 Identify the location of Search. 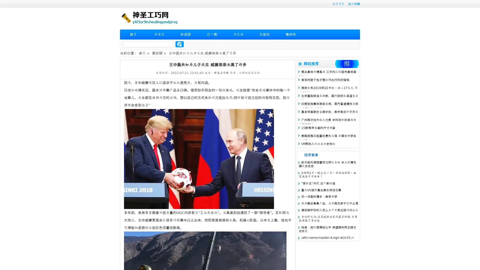
(179, 44).